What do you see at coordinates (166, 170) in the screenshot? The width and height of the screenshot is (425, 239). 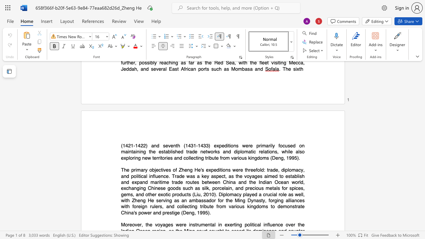 I see `the subset text "es" within the text "objectives"` at bounding box center [166, 170].